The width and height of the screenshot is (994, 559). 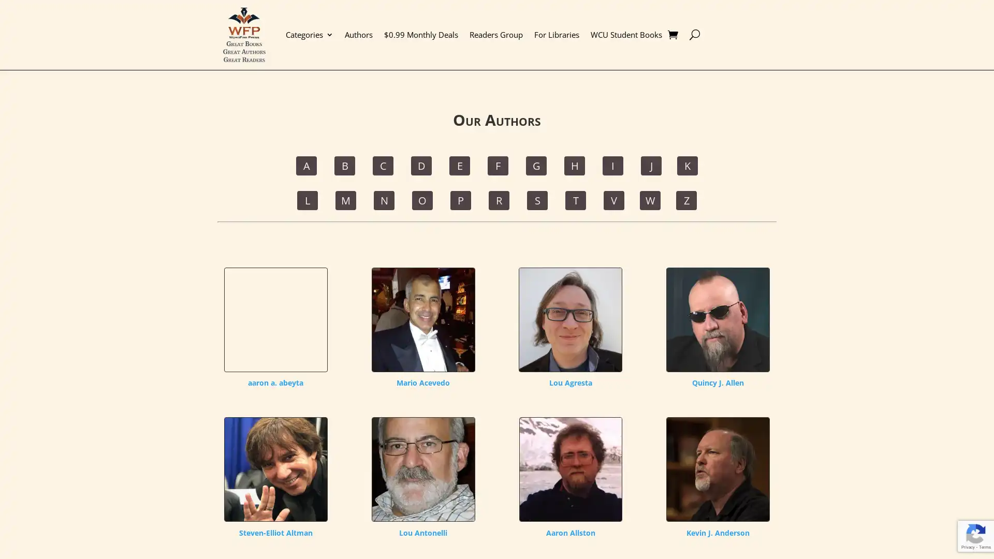 I want to click on F, so click(x=498, y=165).